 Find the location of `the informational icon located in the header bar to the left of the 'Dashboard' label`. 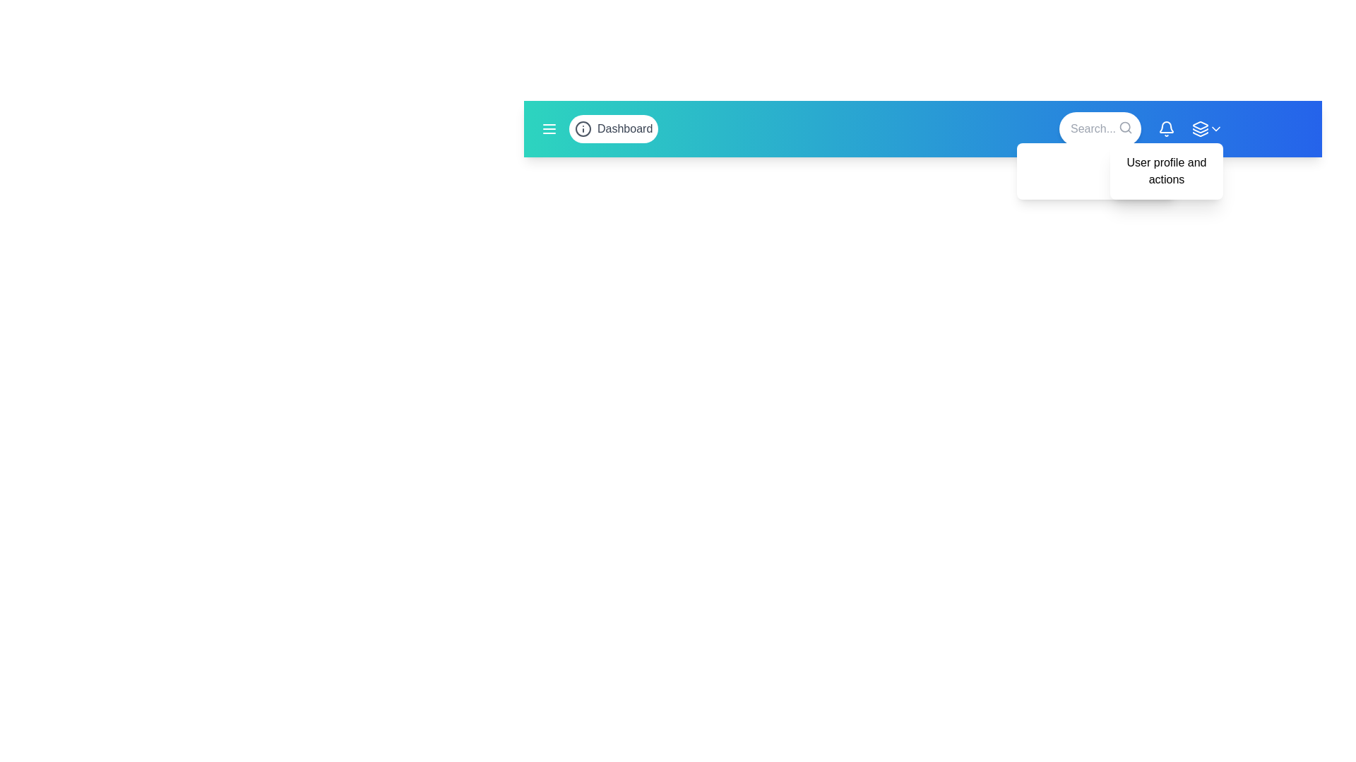

the informational icon located in the header bar to the left of the 'Dashboard' label is located at coordinates (583, 128).